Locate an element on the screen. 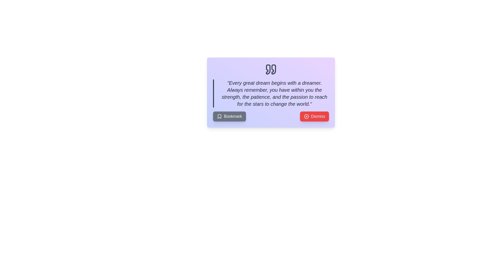 This screenshot has width=480, height=270. the second curved graphical quotation mark icon, which is centrally positioned in the header of a card-like component, providing visual context for the quoted text below is located at coordinates (273, 69).